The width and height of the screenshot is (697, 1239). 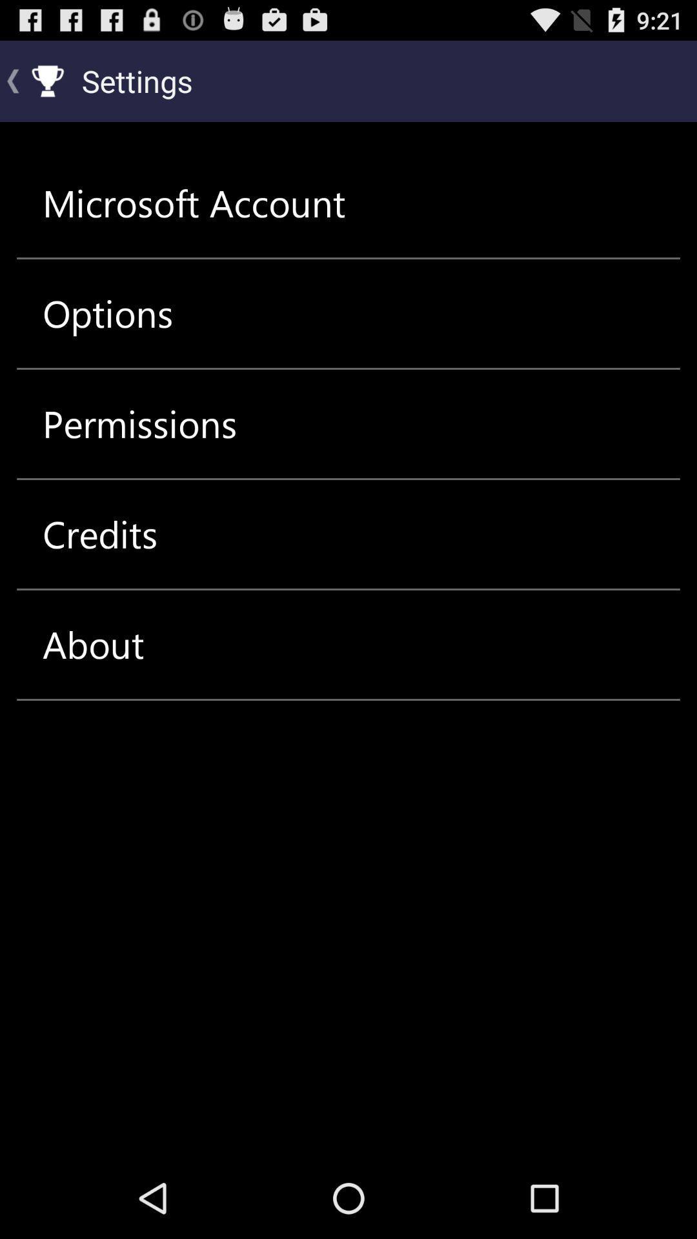 I want to click on the item below the options icon, so click(x=139, y=424).